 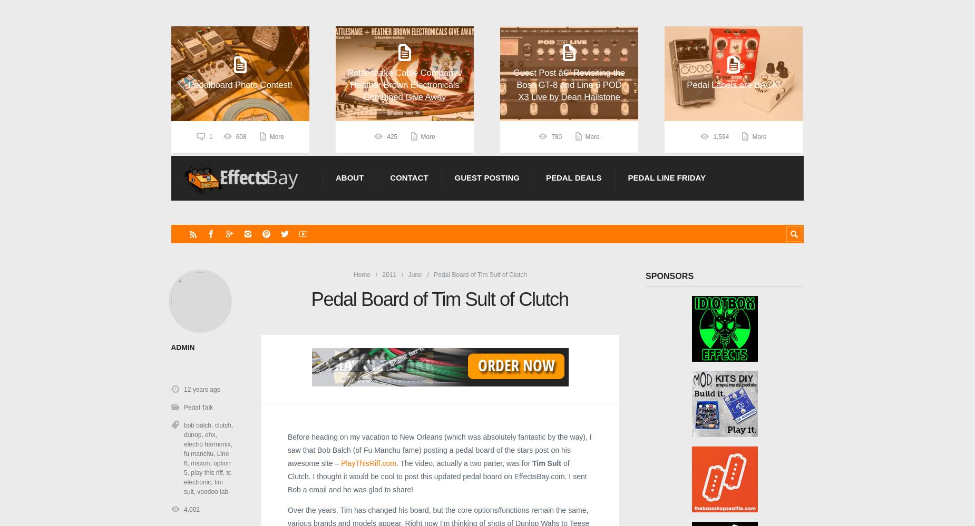 What do you see at coordinates (720, 137) in the screenshot?
I see `'1,594'` at bounding box center [720, 137].